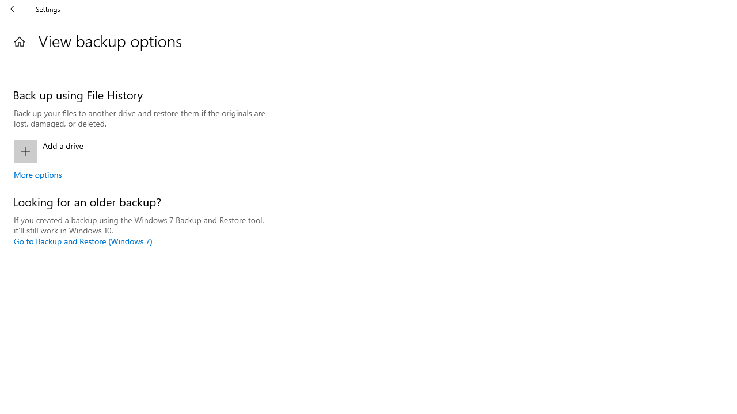 The height and width of the screenshot is (414, 737). Describe the element at coordinates (14, 9) in the screenshot. I see `'Back'` at that location.